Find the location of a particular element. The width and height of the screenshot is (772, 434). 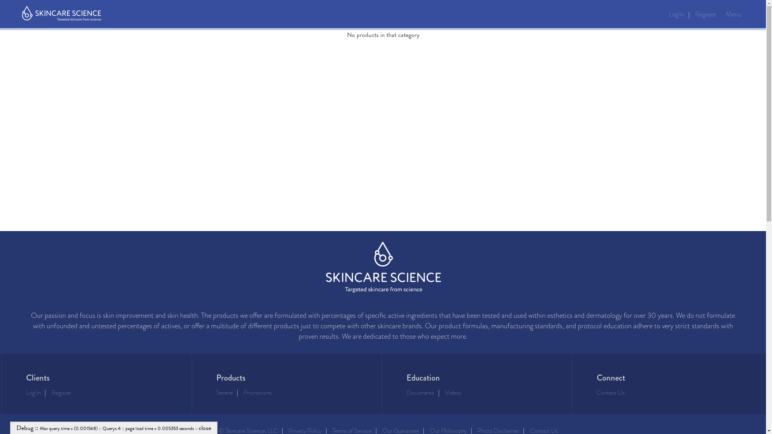

'Register' is located at coordinates (61, 392).